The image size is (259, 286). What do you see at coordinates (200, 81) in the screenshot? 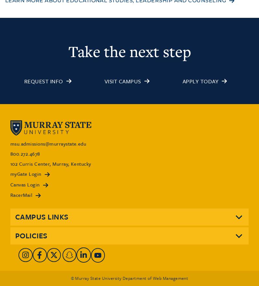
I see `'Apply Today'` at bounding box center [200, 81].